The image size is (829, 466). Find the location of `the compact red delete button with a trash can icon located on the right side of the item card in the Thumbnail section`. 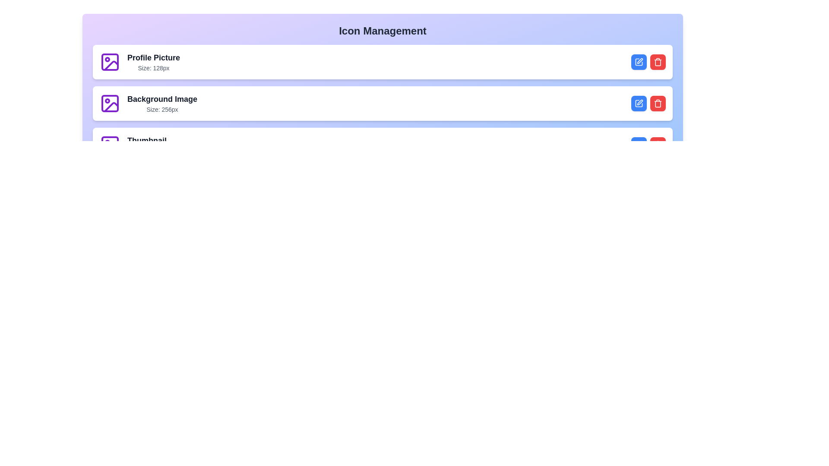

the compact red delete button with a trash can icon located on the right side of the item card in the Thumbnail section is located at coordinates (657, 61).